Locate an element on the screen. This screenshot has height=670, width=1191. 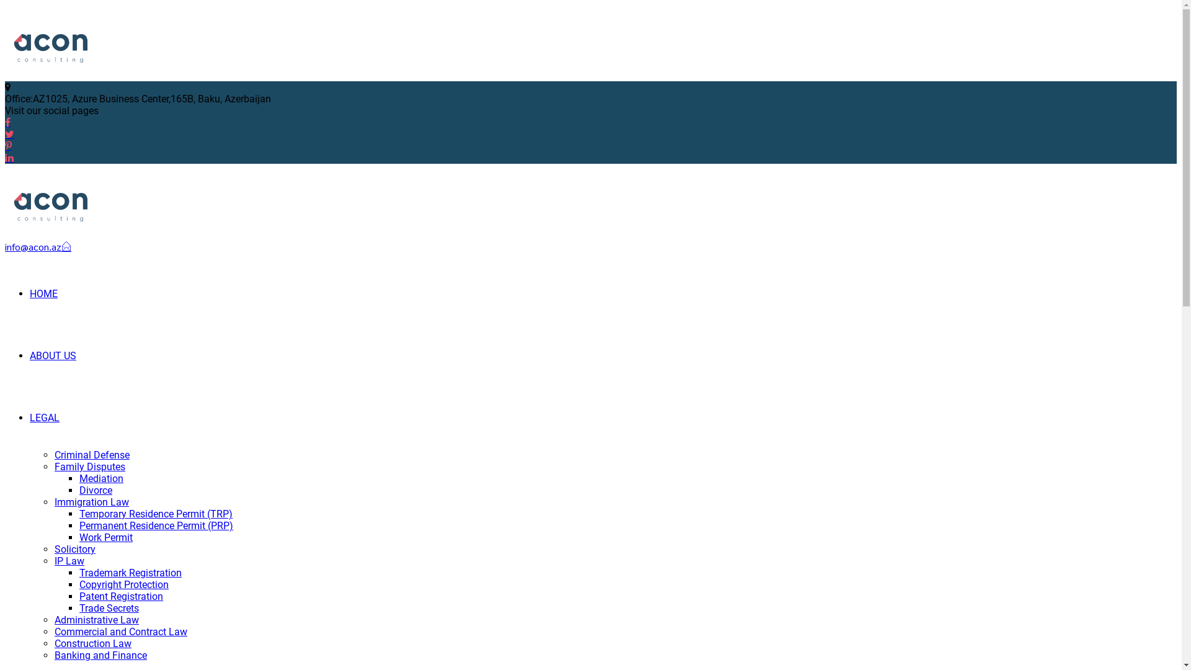
'Divorce' is located at coordinates (95, 489).